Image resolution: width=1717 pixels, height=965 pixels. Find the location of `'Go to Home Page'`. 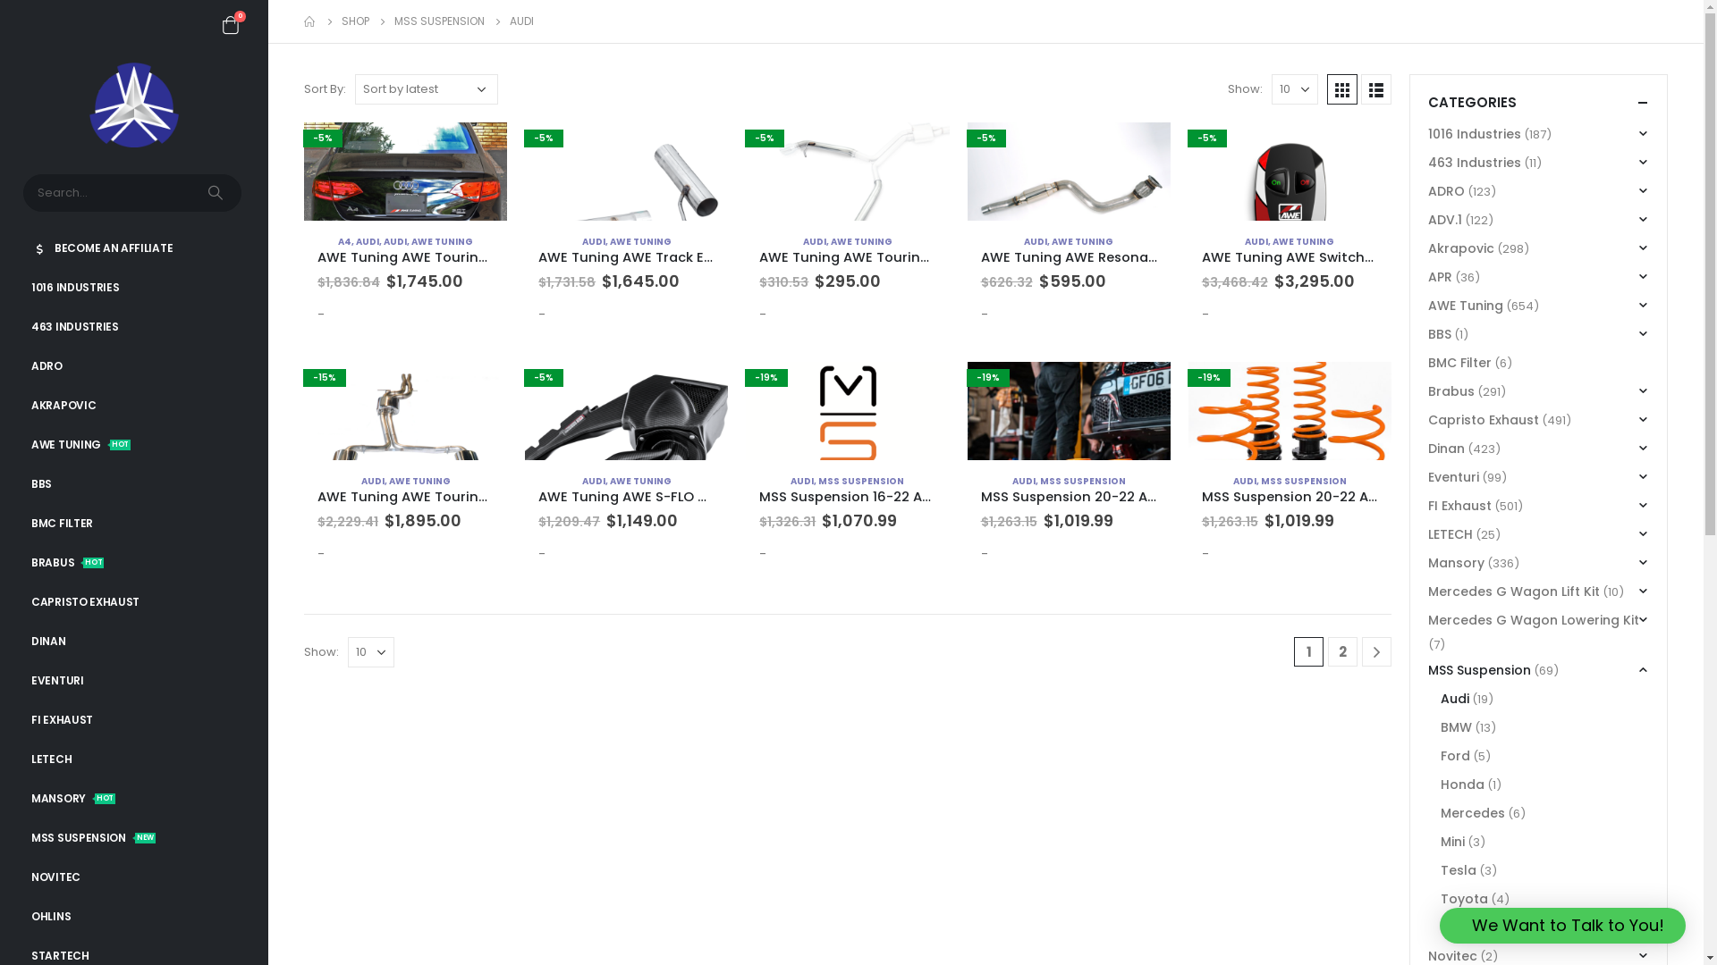

'Go to Home Page' is located at coordinates (304, 21).